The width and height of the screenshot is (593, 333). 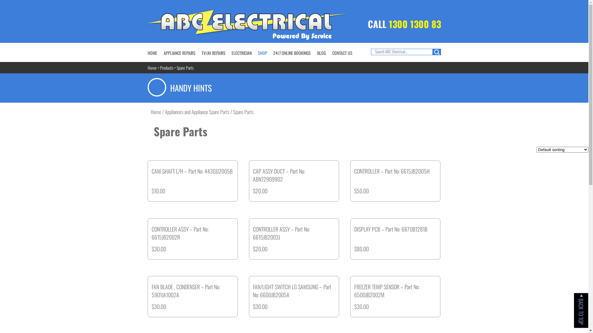 I want to click on 'Search for:', so click(x=402, y=51).